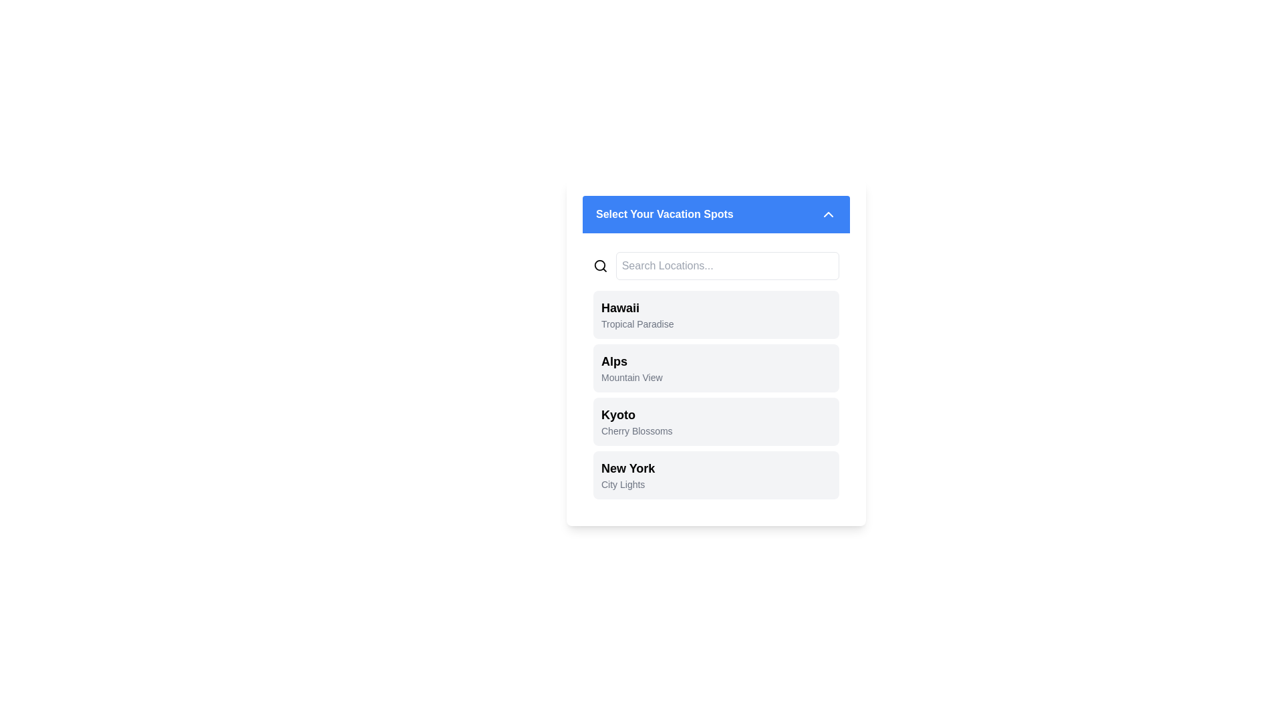 Image resolution: width=1283 pixels, height=722 pixels. What do you see at coordinates (715, 474) in the screenshot?
I see `the 'New York' button-like list item, the fourth entry under 'Select Your Vacation Spots,'` at bounding box center [715, 474].